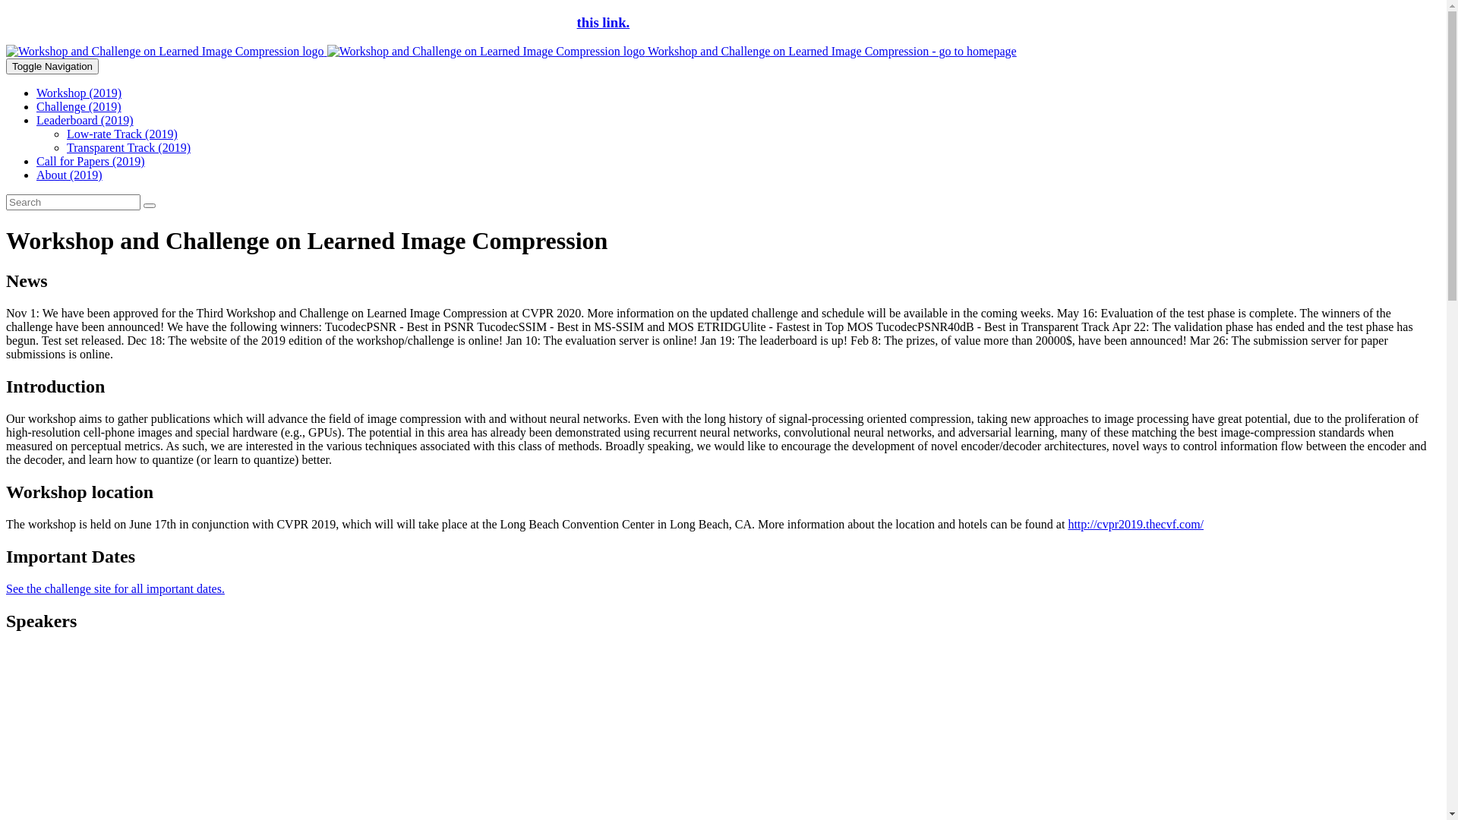 This screenshot has height=820, width=1458. I want to click on 'Call for Papers (2019)', so click(90, 161).